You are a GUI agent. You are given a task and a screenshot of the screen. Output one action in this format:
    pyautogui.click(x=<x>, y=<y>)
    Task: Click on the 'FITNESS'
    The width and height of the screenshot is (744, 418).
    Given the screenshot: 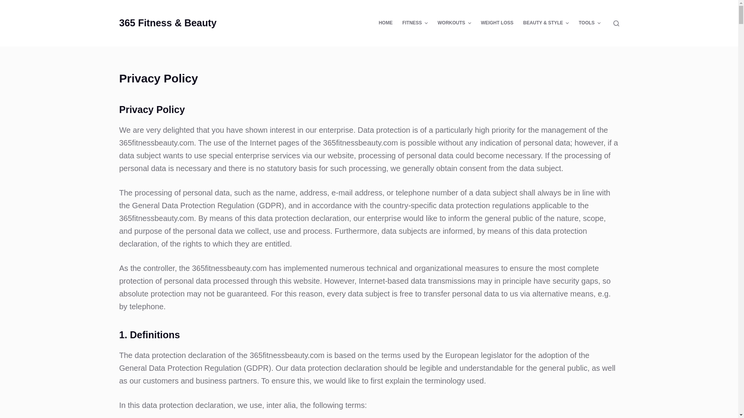 What is the action you would take?
    pyautogui.click(x=415, y=23)
    